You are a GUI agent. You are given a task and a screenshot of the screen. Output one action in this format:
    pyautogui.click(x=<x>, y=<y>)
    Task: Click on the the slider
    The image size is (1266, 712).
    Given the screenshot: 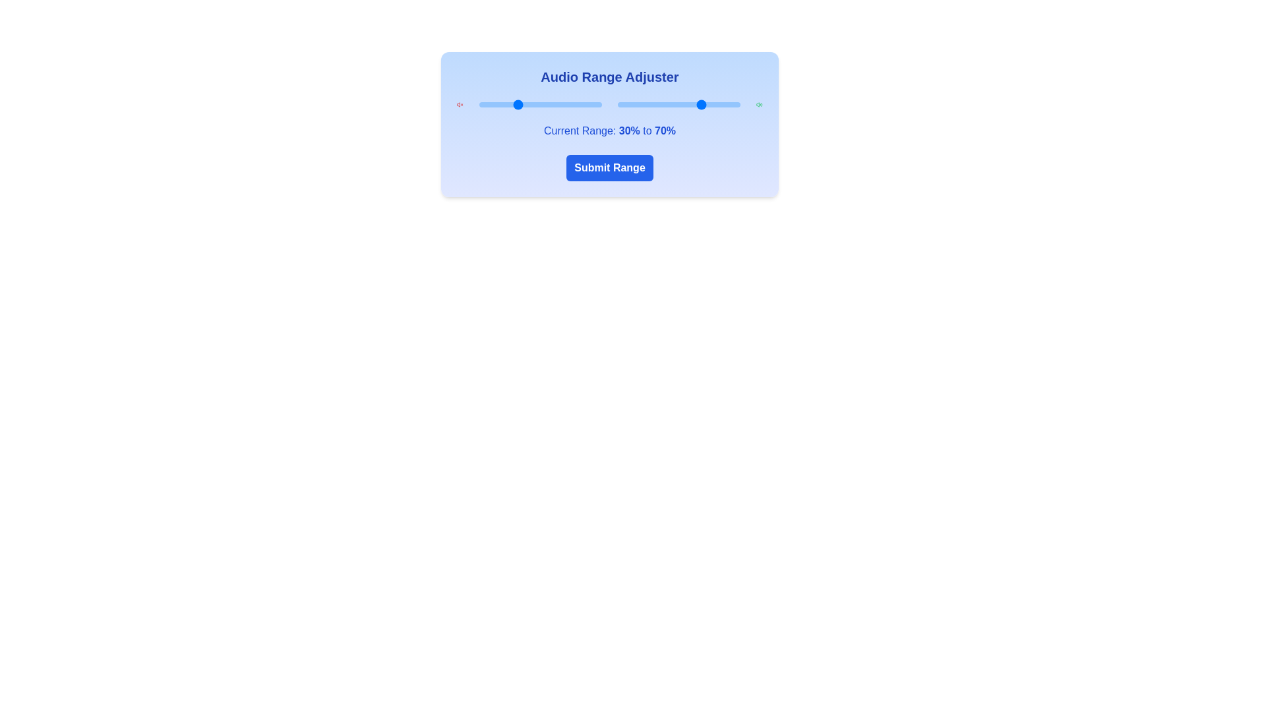 What is the action you would take?
    pyautogui.click(x=497, y=104)
    